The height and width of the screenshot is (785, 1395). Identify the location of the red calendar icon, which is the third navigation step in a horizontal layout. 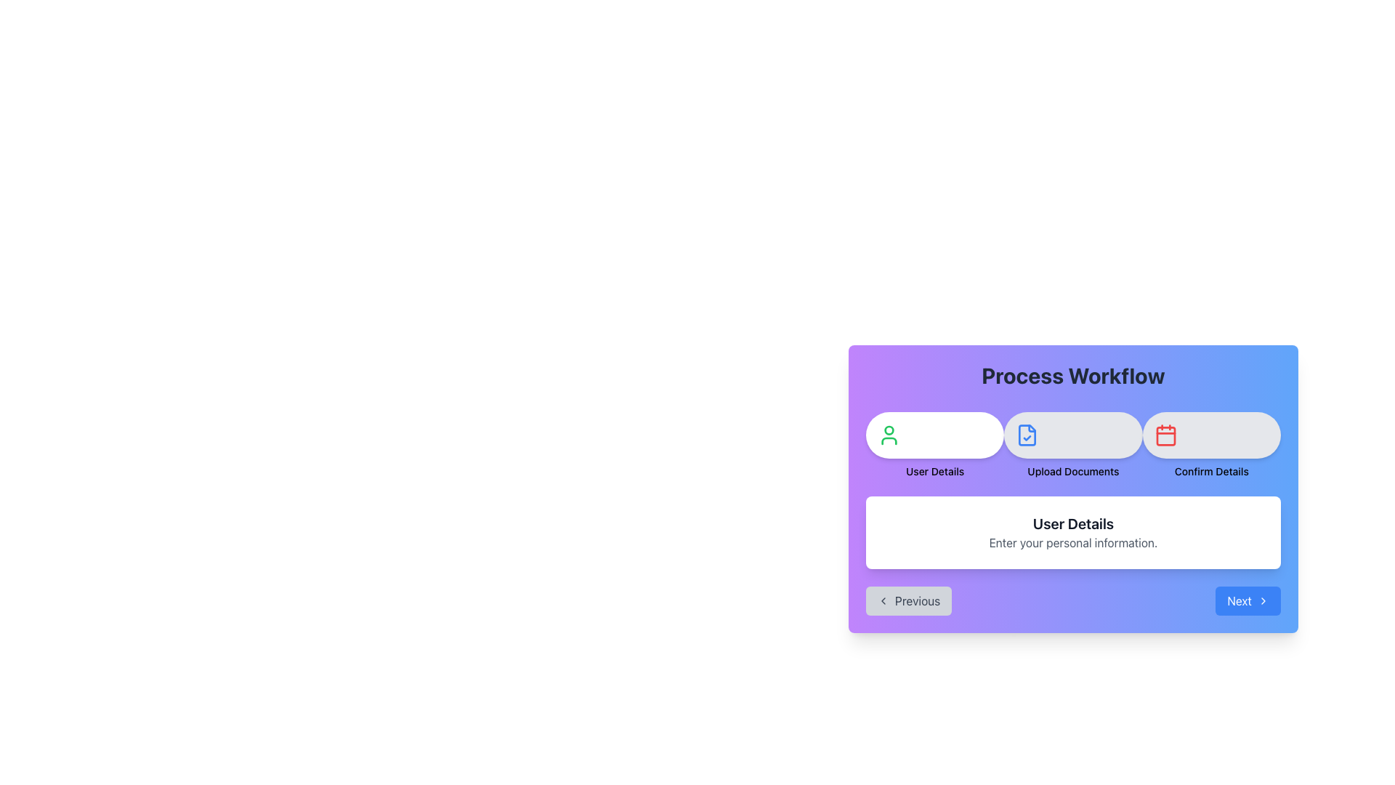
(1165, 434).